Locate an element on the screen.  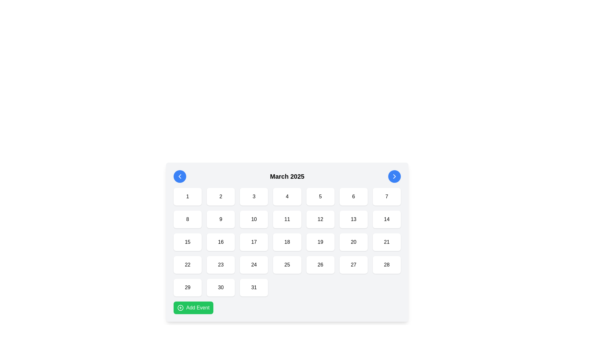
the square button labeled '9' with a white background and black text is located at coordinates (221, 219).